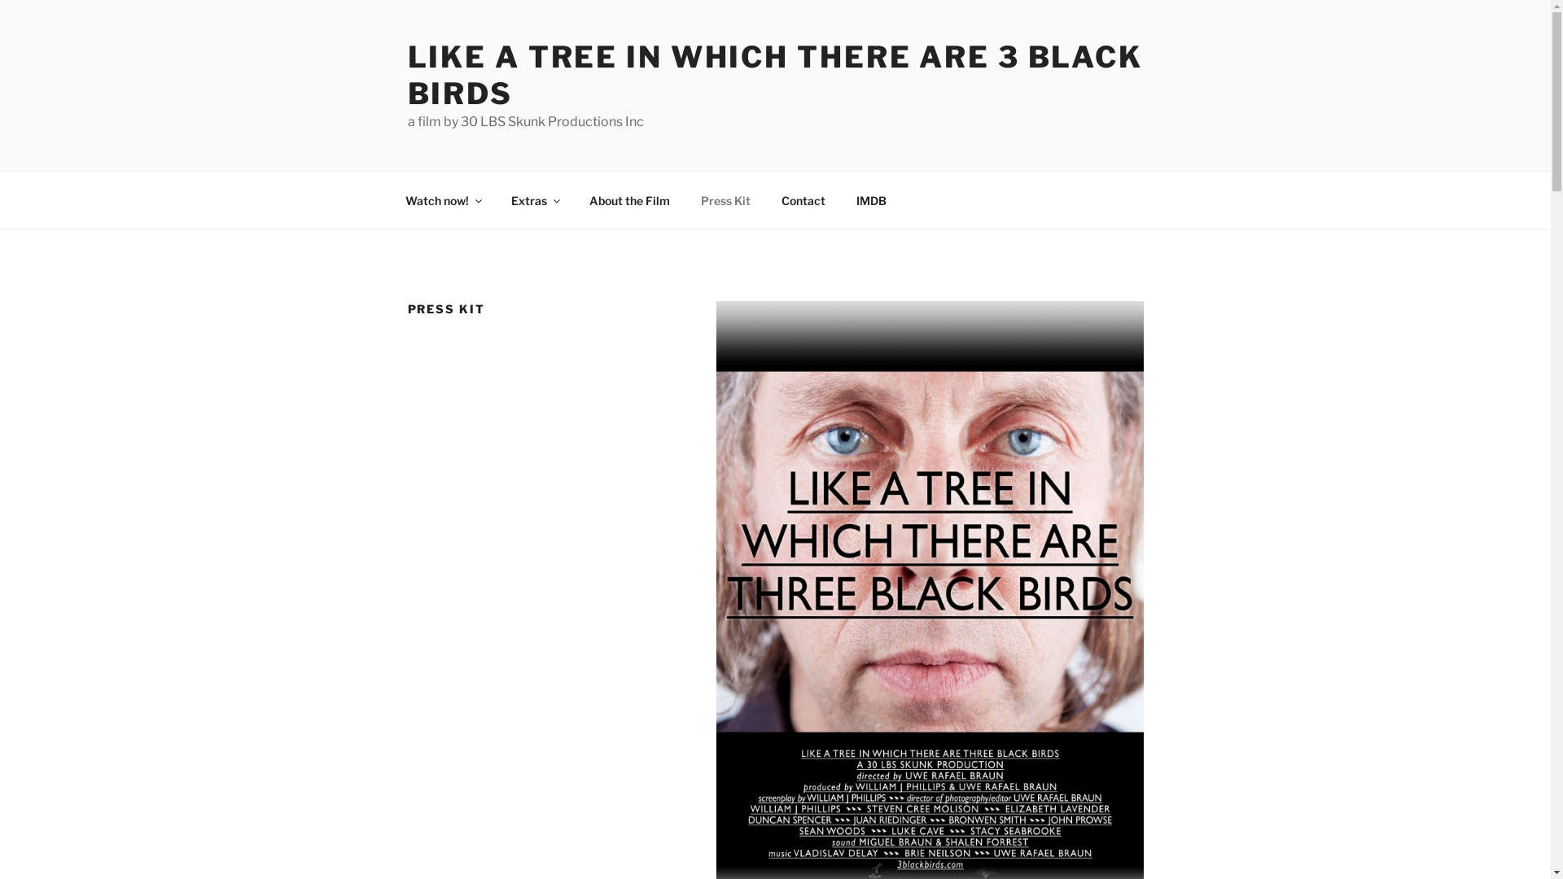  I want to click on 'Press Kit', so click(687, 199).